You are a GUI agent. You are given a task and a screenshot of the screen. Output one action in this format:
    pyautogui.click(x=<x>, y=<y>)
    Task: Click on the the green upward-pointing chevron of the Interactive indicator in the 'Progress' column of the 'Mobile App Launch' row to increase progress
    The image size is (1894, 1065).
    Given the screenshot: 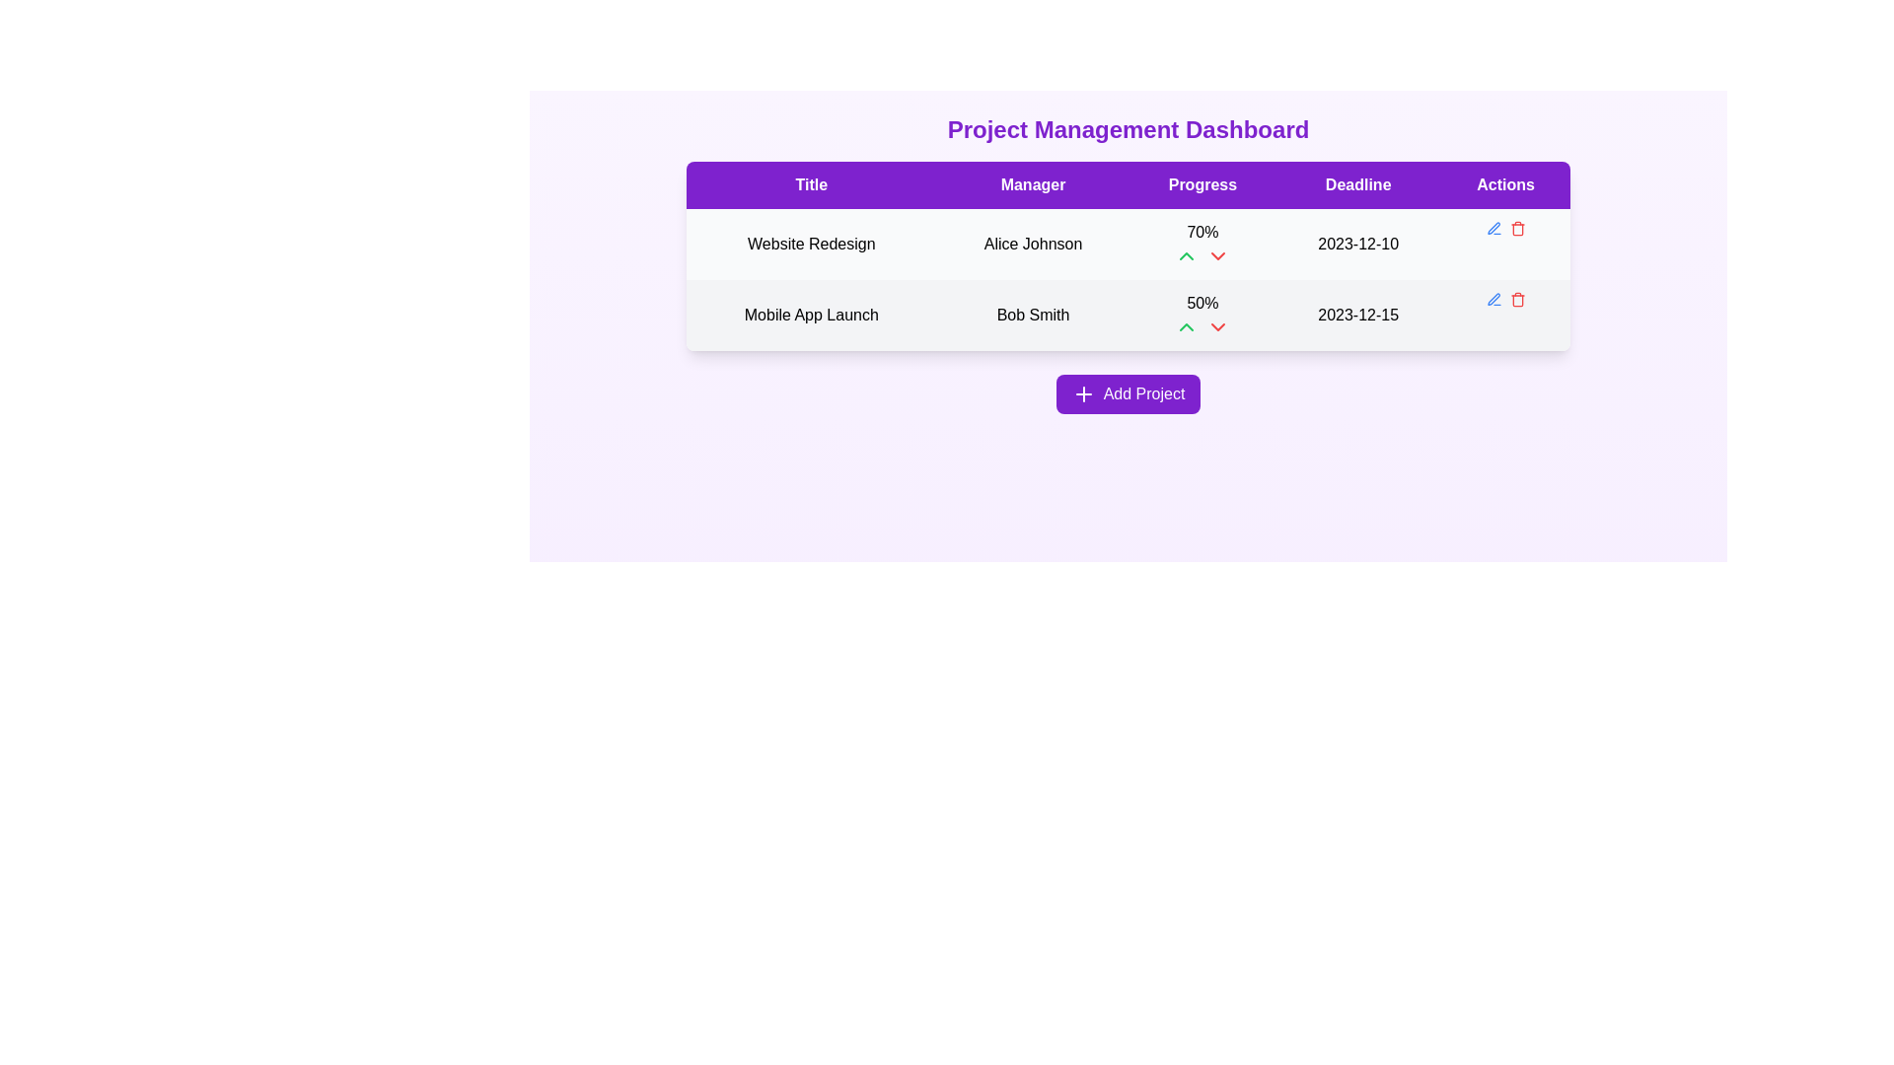 What is the action you would take?
    pyautogui.click(x=1202, y=325)
    